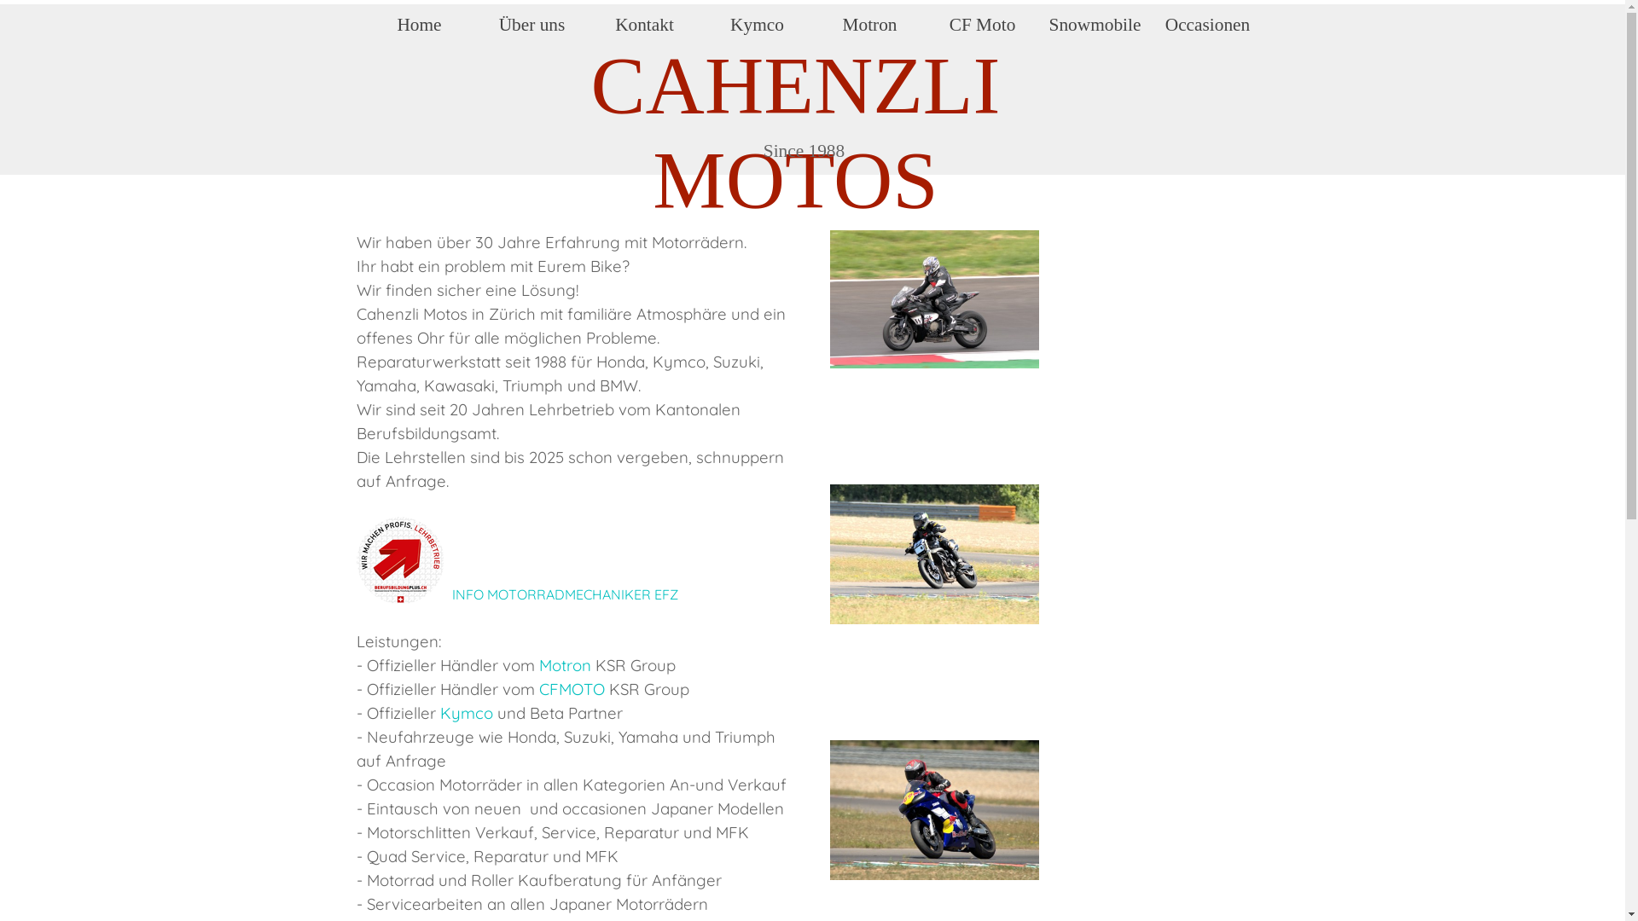 This screenshot has height=921, width=1638. I want to click on 'Kymco', so click(757, 25).